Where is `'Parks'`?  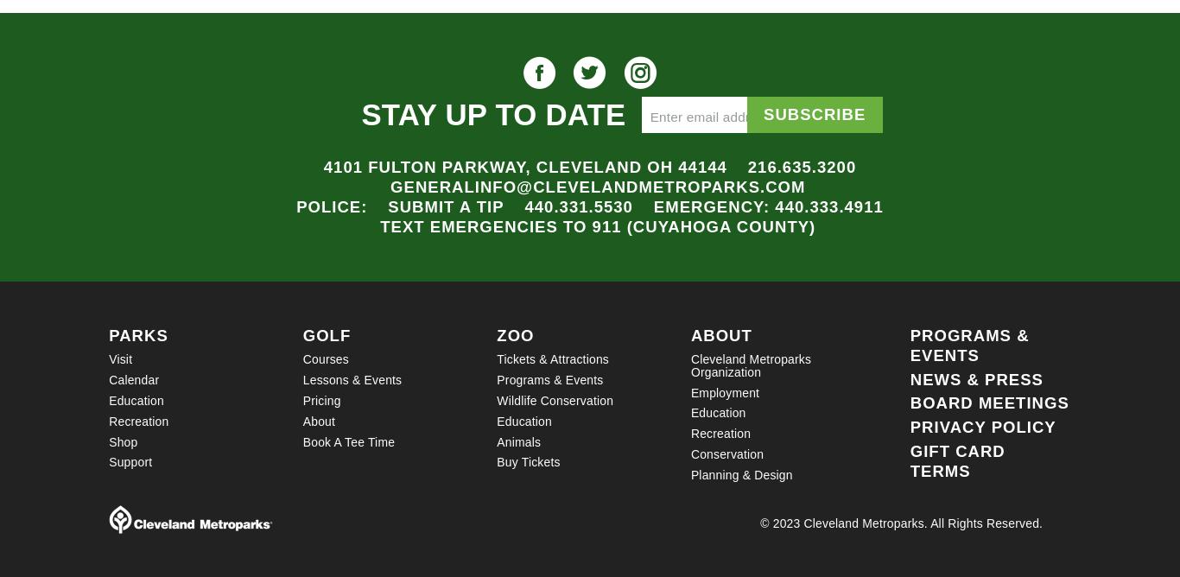
'Parks' is located at coordinates (136, 334).